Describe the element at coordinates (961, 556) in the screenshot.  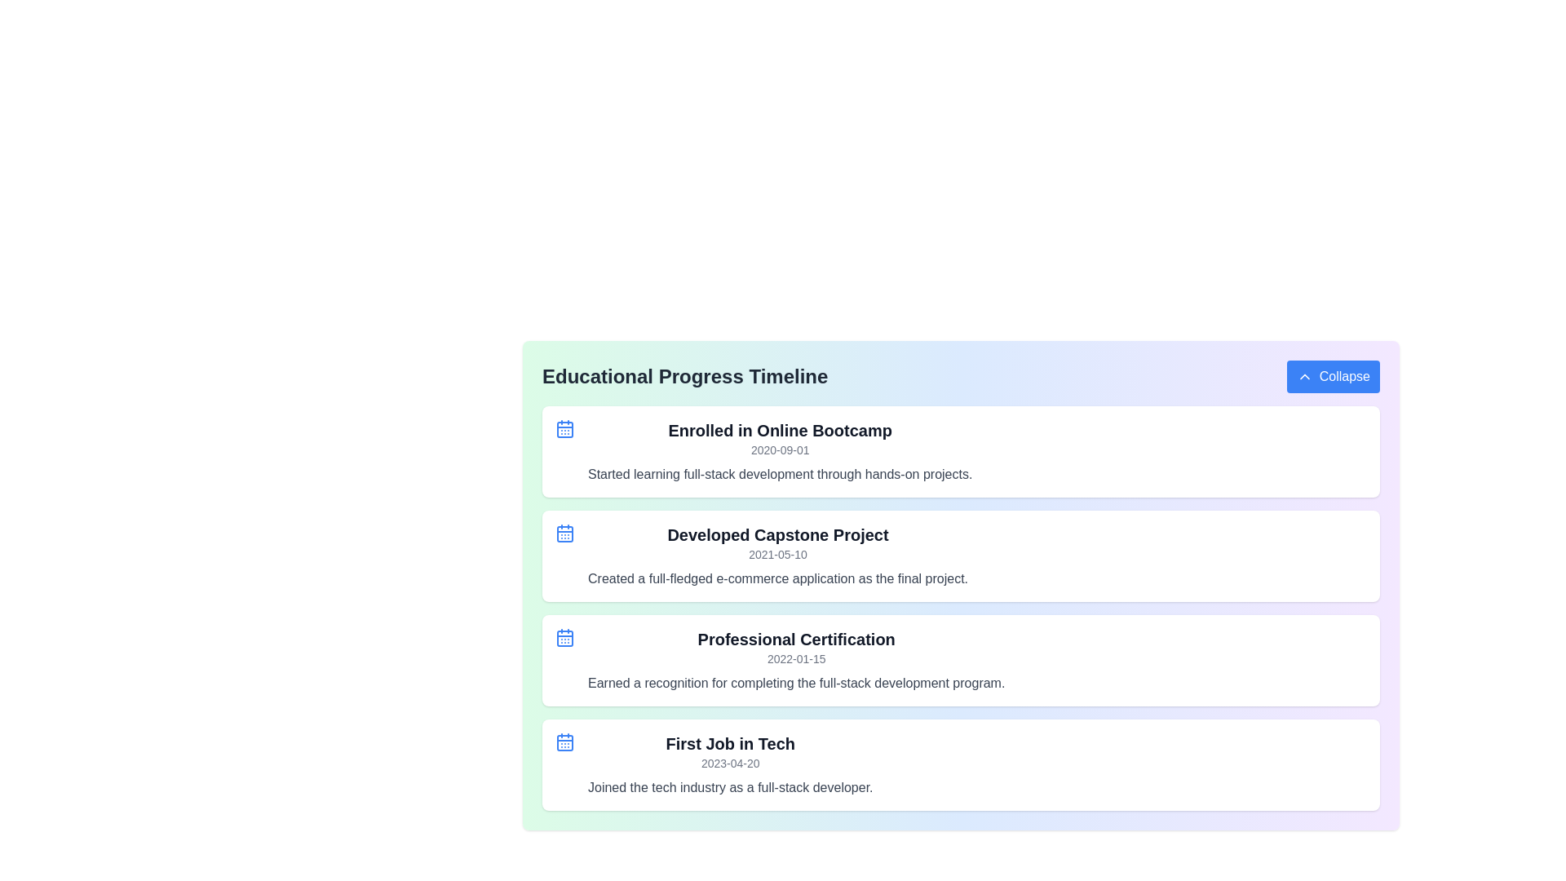
I see `educational milestone displayed on the second item of the 'Educational Progress Timeline', which provides details about the development of a capstone project` at that location.